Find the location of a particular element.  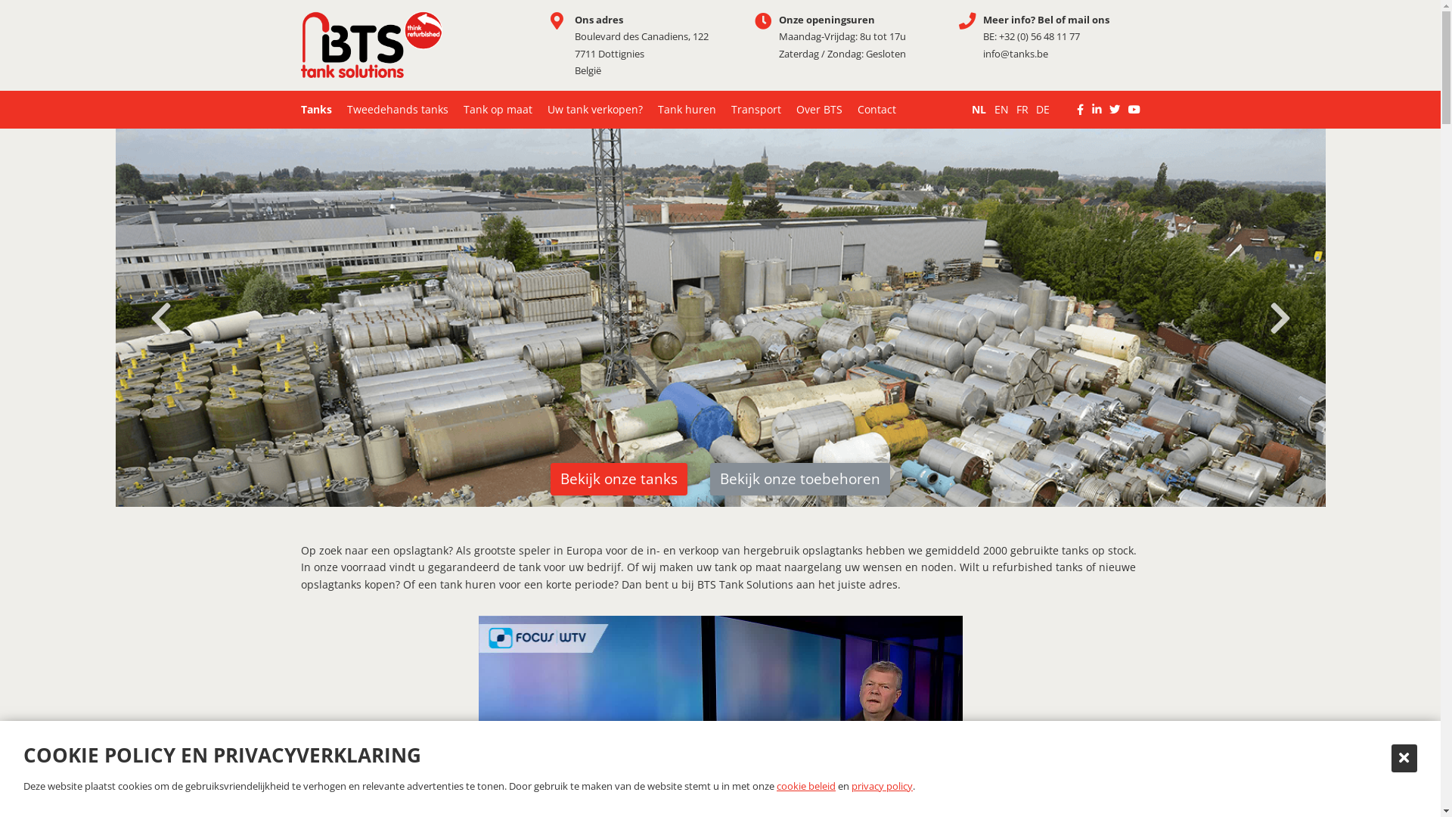

'Next' is located at coordinates (1278, 317).